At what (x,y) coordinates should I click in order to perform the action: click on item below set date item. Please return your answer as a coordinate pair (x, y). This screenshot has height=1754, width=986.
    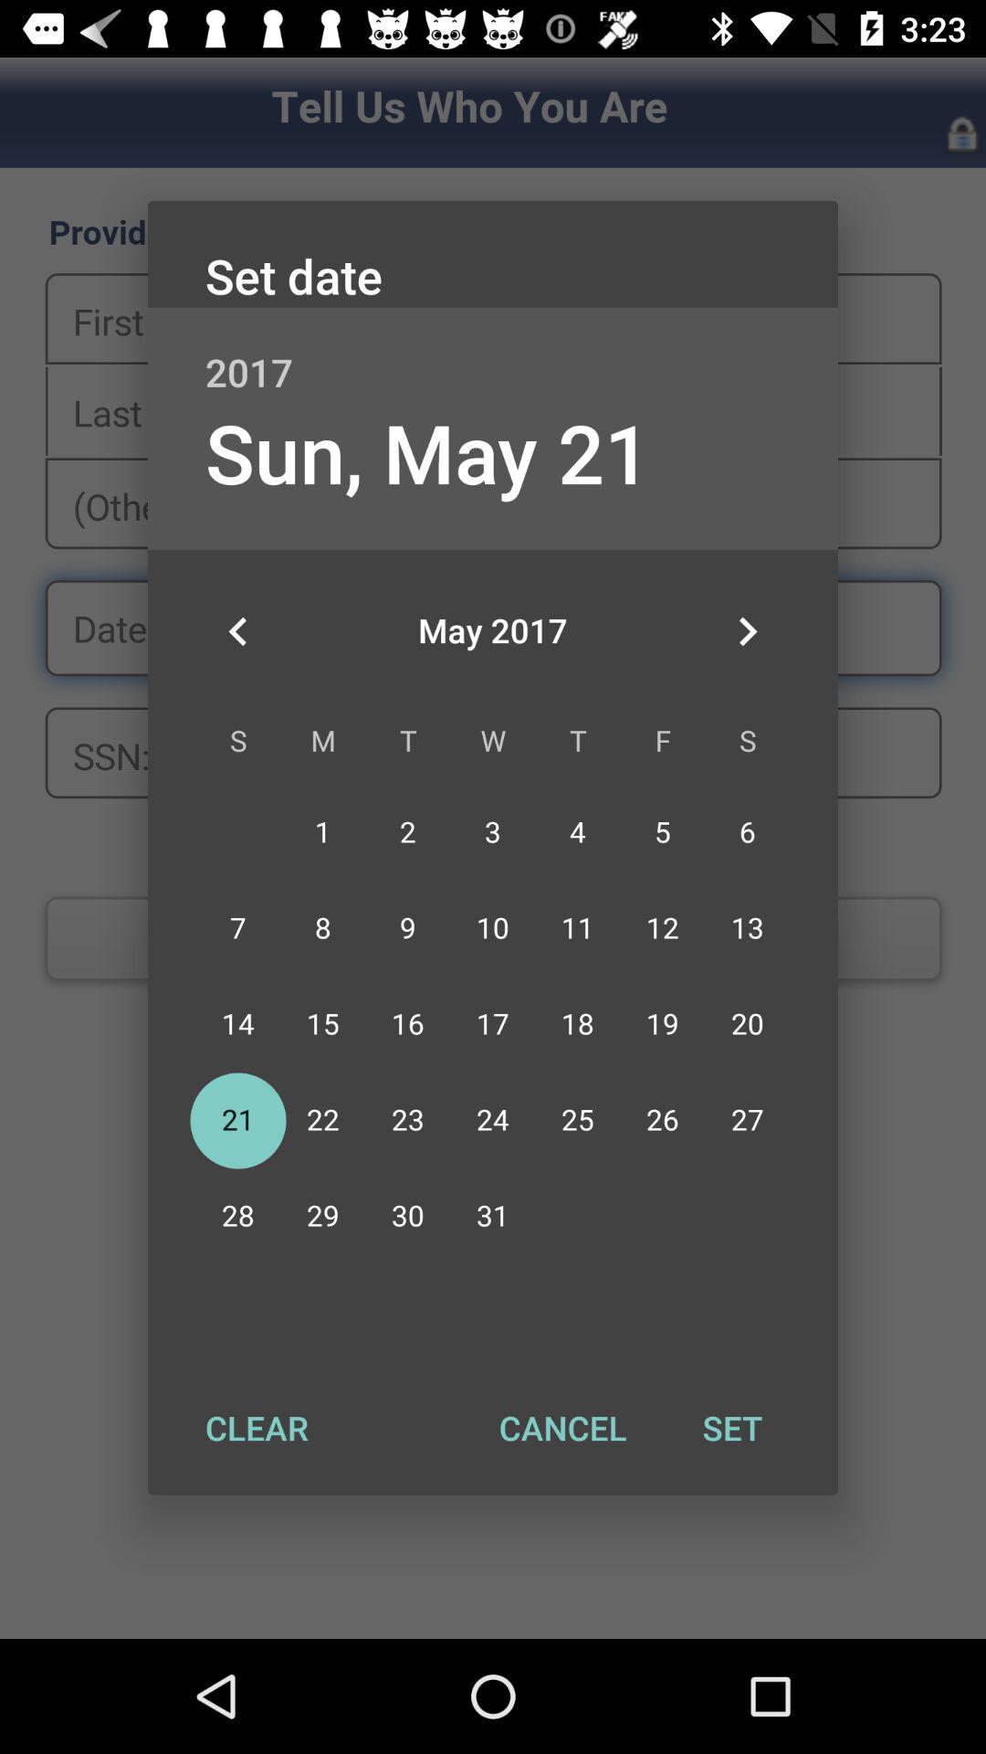
    Looking at the image, I should click on (493, 353).